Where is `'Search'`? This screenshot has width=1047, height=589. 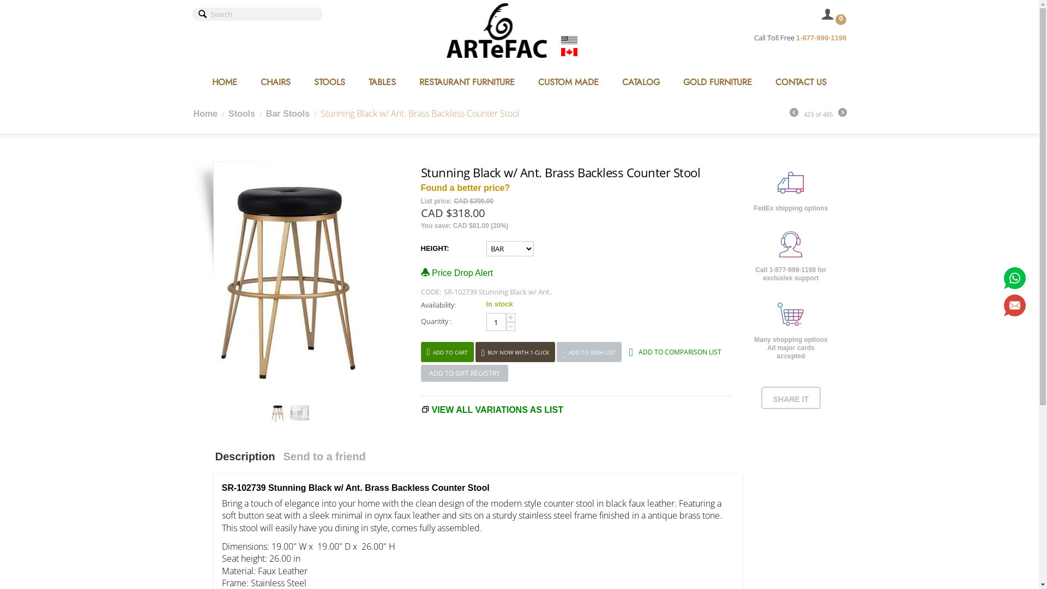
'Search' is located at coordinates (203, 14).